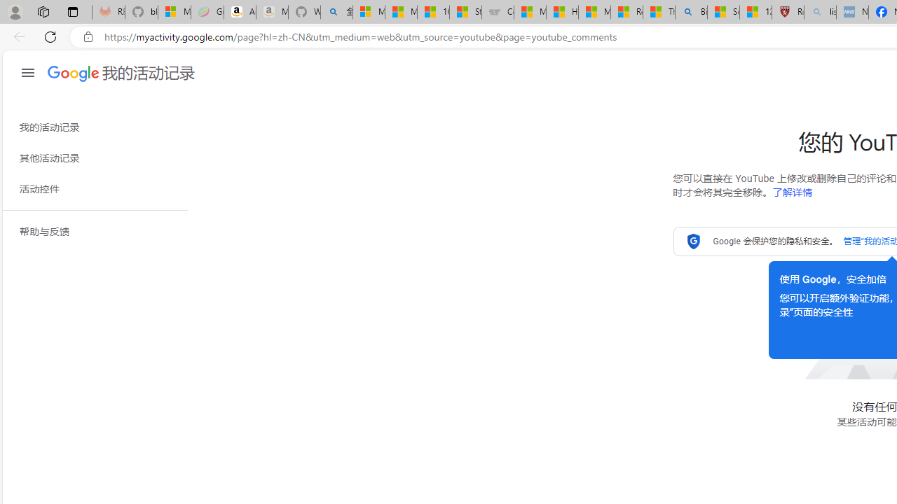  I want to click on 'Stocks - MSN', so click(465, 12).